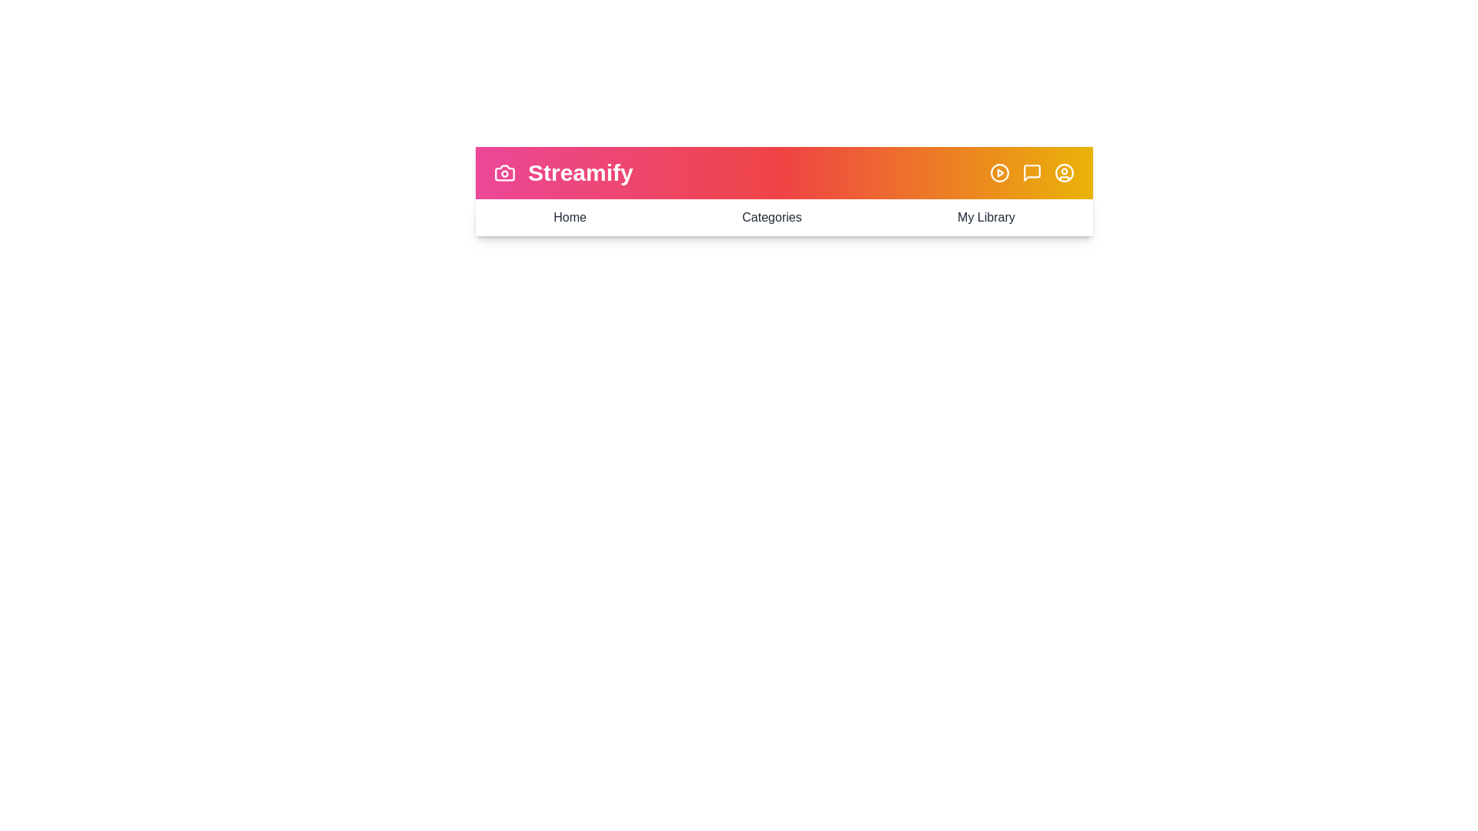 The width and height of the screenshot is (1478, 831). Describe the element at coordinates (505, 172) in the screenshot. I see `the camera icon to trigger its functionality` at that location.